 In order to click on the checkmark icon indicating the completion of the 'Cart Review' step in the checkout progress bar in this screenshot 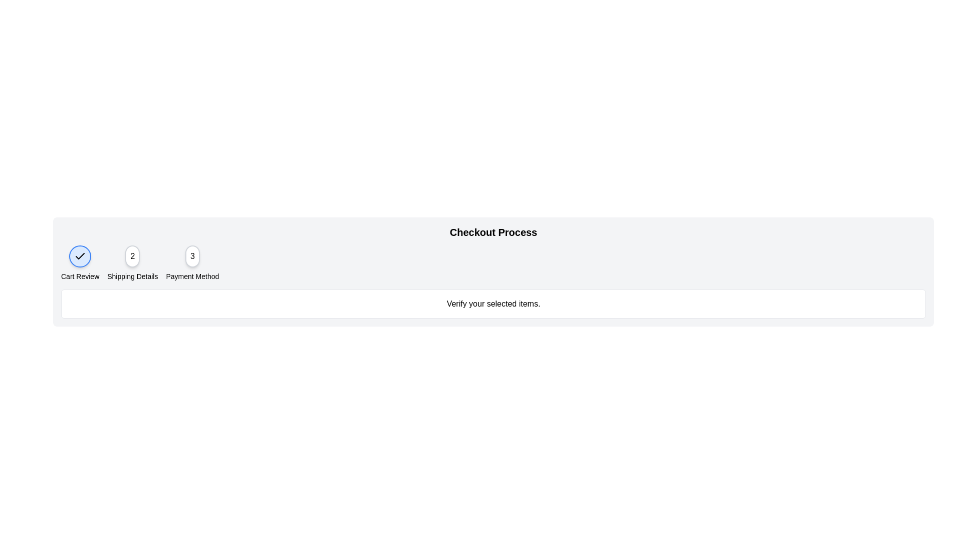, I will do `click(80, 255)`.